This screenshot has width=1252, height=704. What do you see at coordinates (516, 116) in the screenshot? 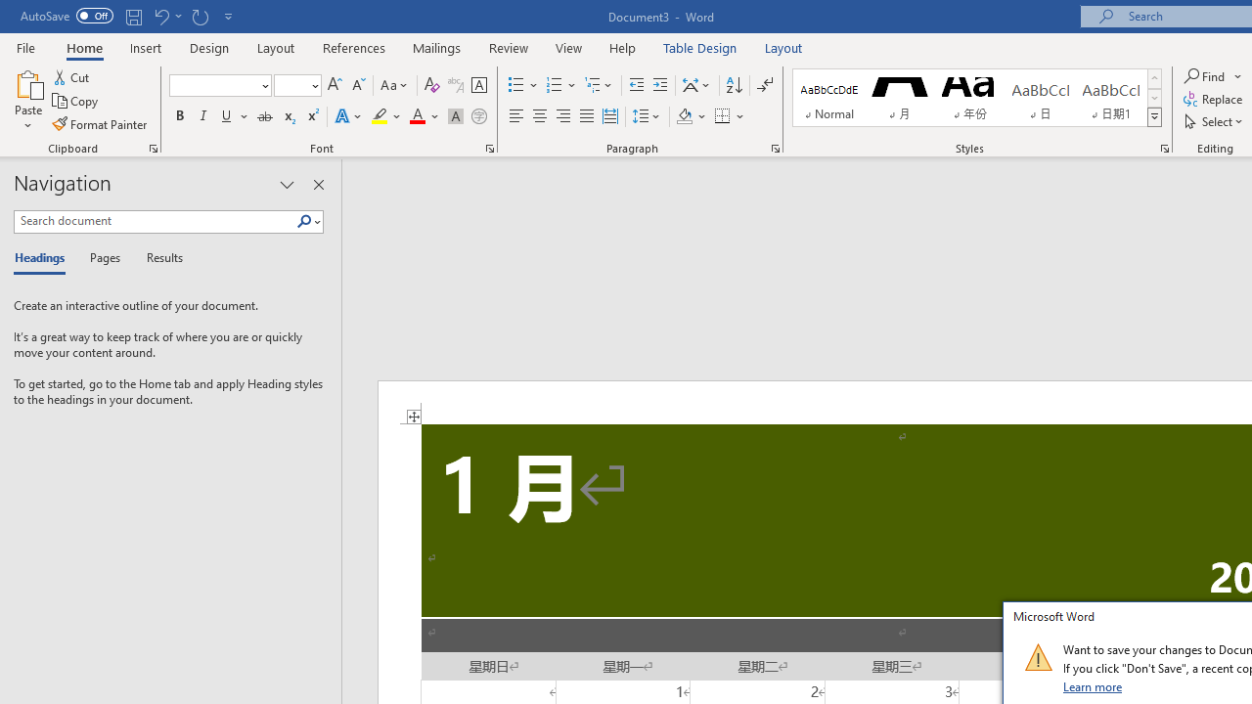
I see `'Align Left'` at bounding box center [516, 116].